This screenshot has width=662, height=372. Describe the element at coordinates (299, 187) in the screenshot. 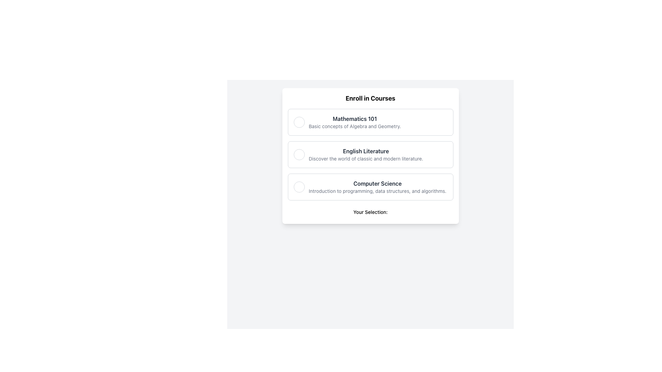

I see `on the circular selection indicator (radio button) located` at that location.